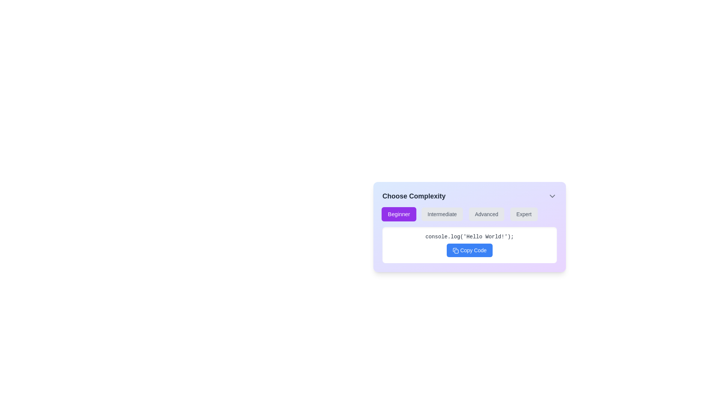  I want to click on the second button located below the code snippet displaying "console.log('Hello World!');" to copy the code snippet to the clipboard, so click(469, 250).